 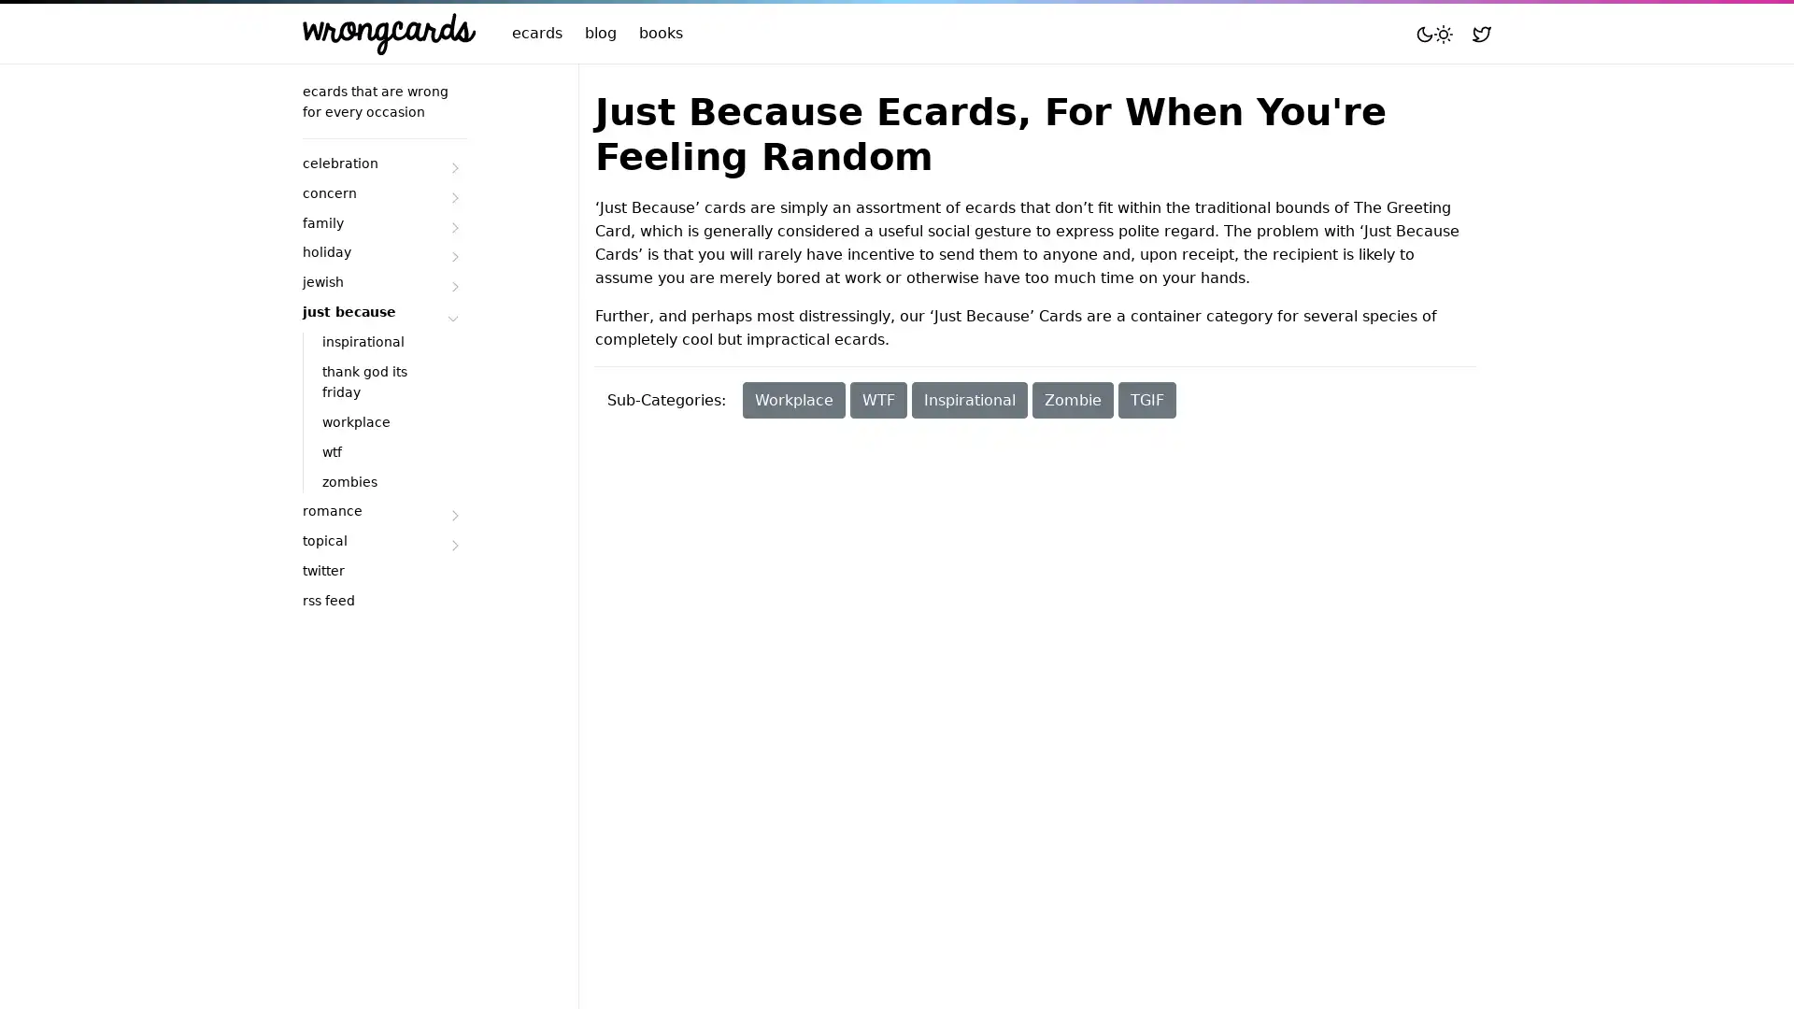 What do you see at coordinates (452, 287) in the screenshot?
I see `Submenu` at bounding box center [452, 287].